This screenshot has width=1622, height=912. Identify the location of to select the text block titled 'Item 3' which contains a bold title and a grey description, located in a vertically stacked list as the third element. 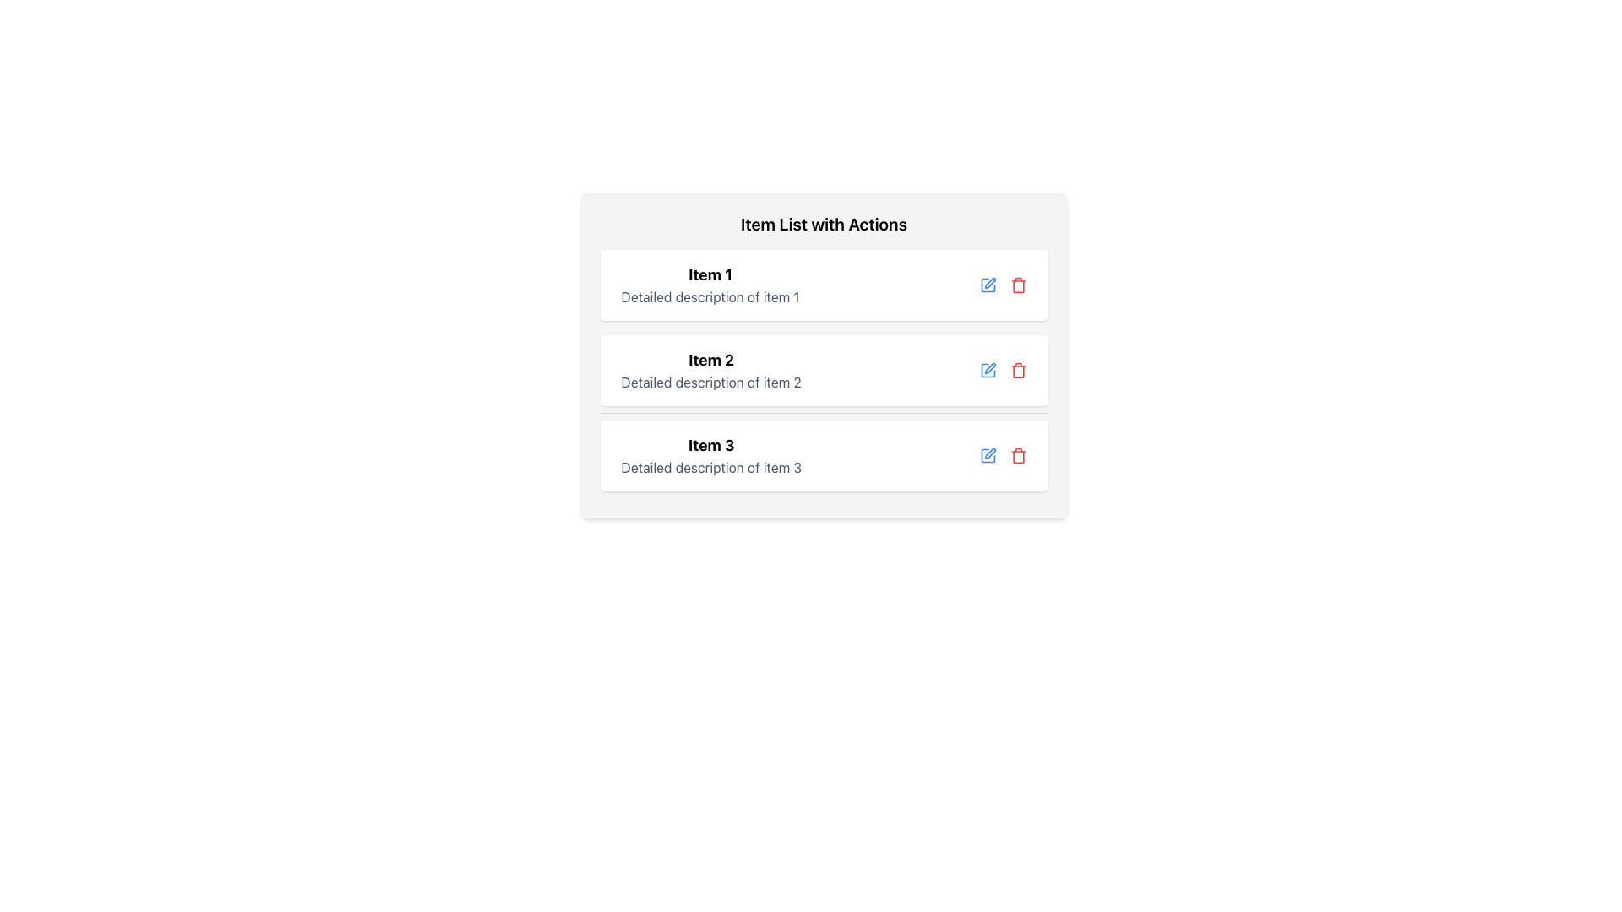
(710, 456).